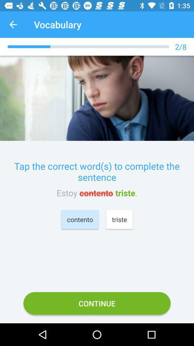 This screenshot has height=346, width=194. Describe the element at coordinates (13, 25) in the screenshot. I see `app to the left of the vocabulary item` at that location.